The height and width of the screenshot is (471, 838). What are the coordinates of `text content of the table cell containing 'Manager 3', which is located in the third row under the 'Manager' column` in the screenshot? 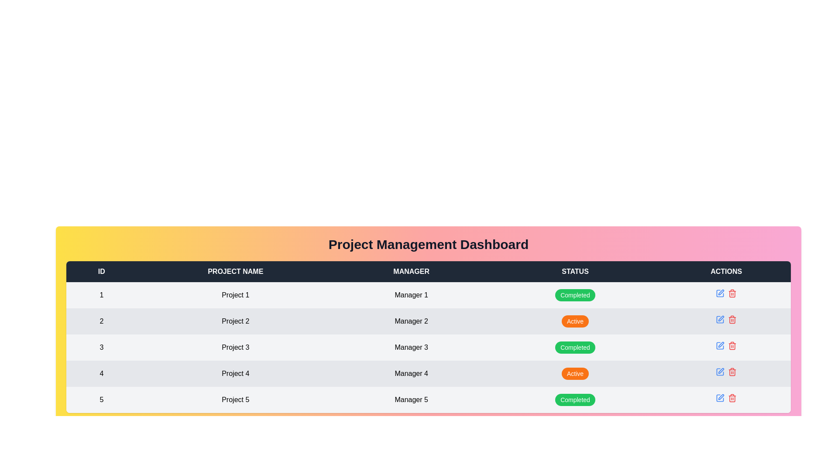 It's located at (411, 347).